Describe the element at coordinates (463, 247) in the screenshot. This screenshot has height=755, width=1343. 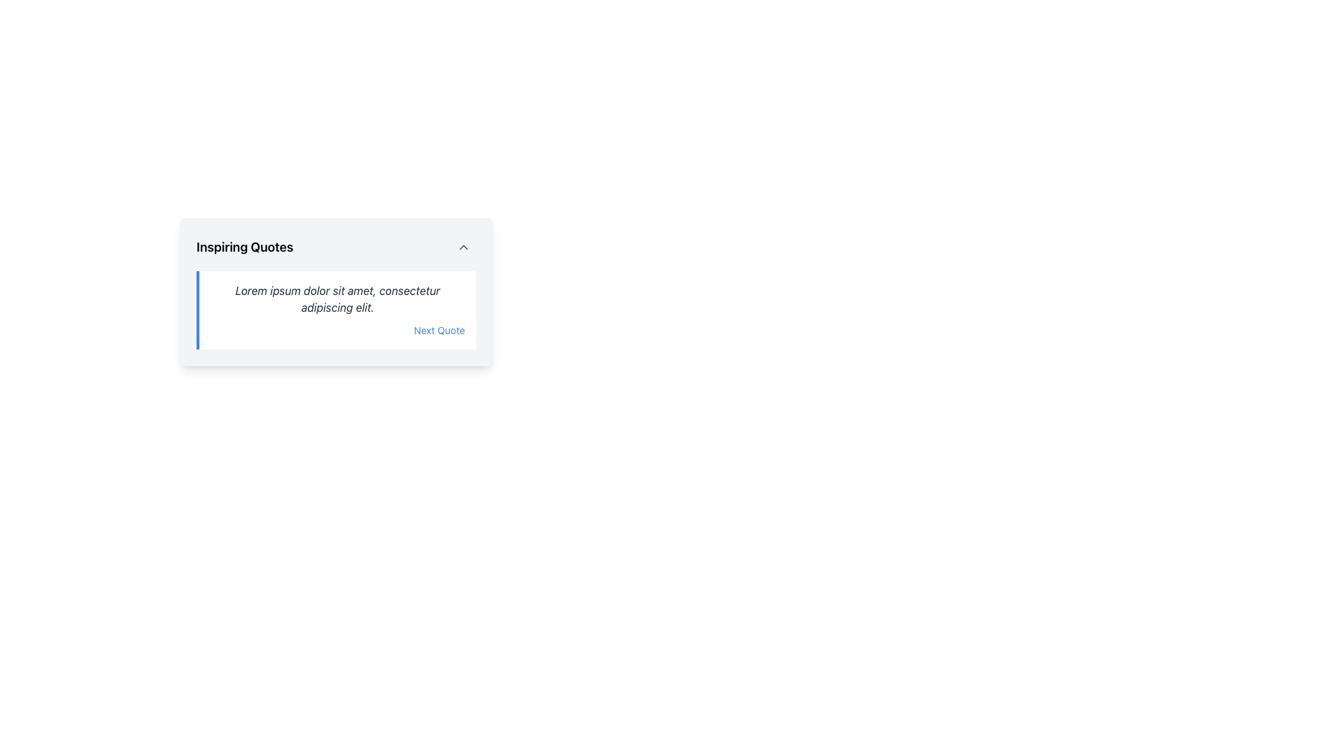
I see `the upward-pointing chevron icon button located at the top-right corner of the 'Inspiring Quotes' card for visual feedback` at that location.